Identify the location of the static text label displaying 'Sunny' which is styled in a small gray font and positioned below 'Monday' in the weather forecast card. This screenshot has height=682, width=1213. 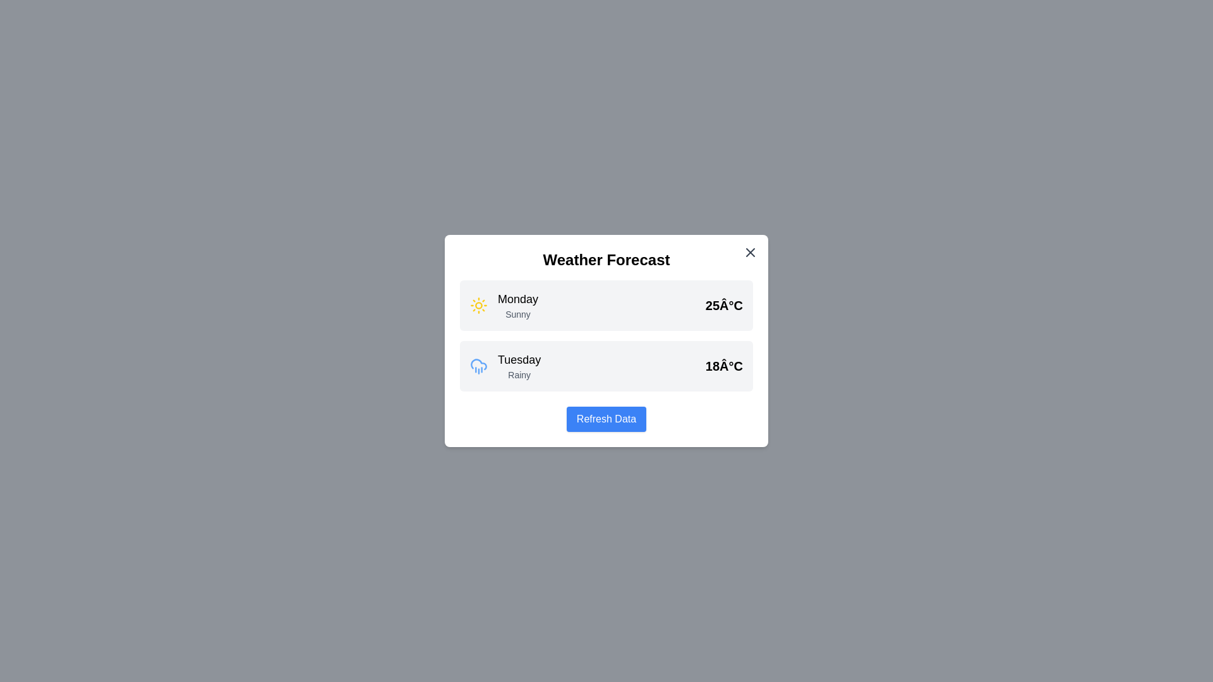
(518, 313).